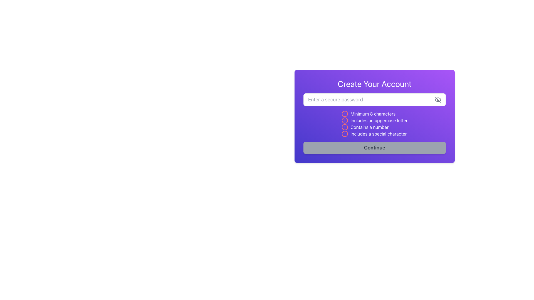 Image resolution: width=534 pixels, height=300 pixels. What do you see at coordinates (345, 134) in the screenshot?
I see `the circular SVG Icon element located in the fourth visual indicator of the password rules vertical list in a purple-themed form UI` at bounding box center [345, 134].